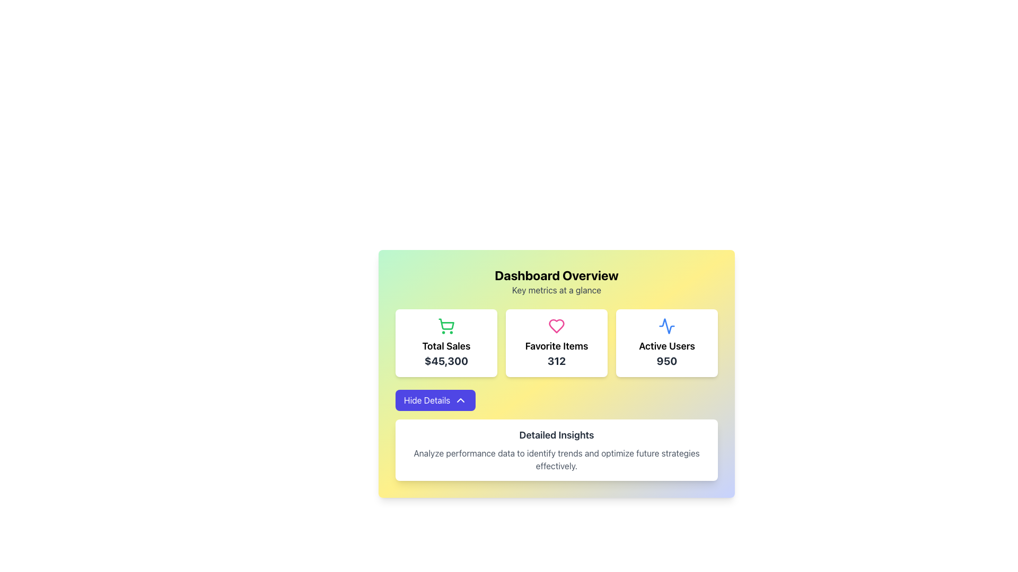 Image resolution: width=1018 pixels, height=572 pixels. Describe the element at coordinates (556, 290) in the screenshot. I see `text from the subtitle located below the 'Dashboard Overview' header in the dashboard card interface` at that location.